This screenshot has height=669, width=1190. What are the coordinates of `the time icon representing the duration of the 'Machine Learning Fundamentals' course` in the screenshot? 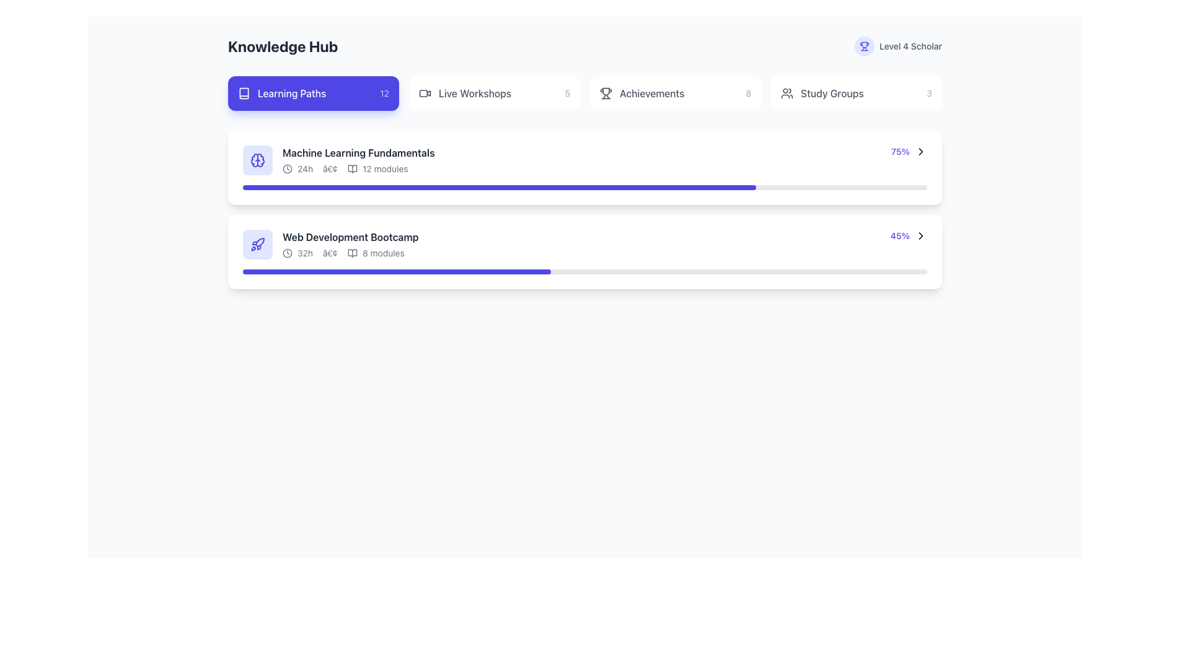 It's located at (287, 169).